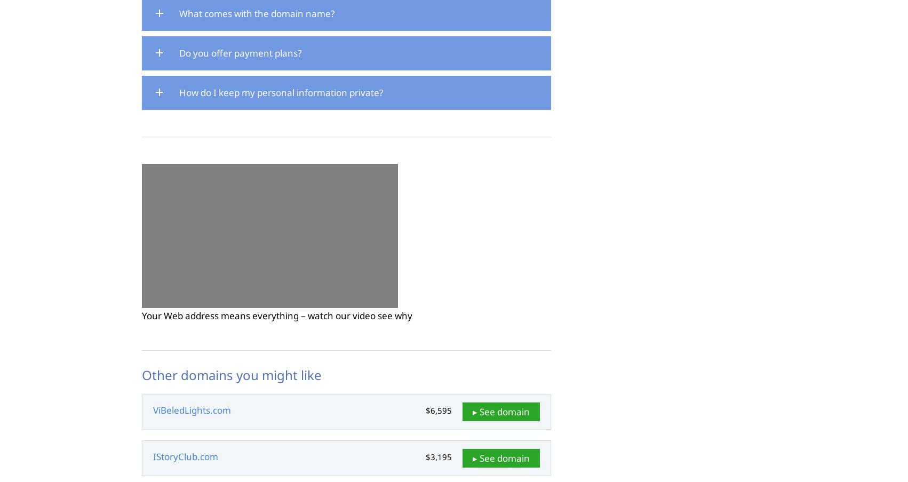  What do you see at coordinates (256, 13) in the screenshot?
I see `'What comes with the domain name?'` at bounding box center [256, 13].